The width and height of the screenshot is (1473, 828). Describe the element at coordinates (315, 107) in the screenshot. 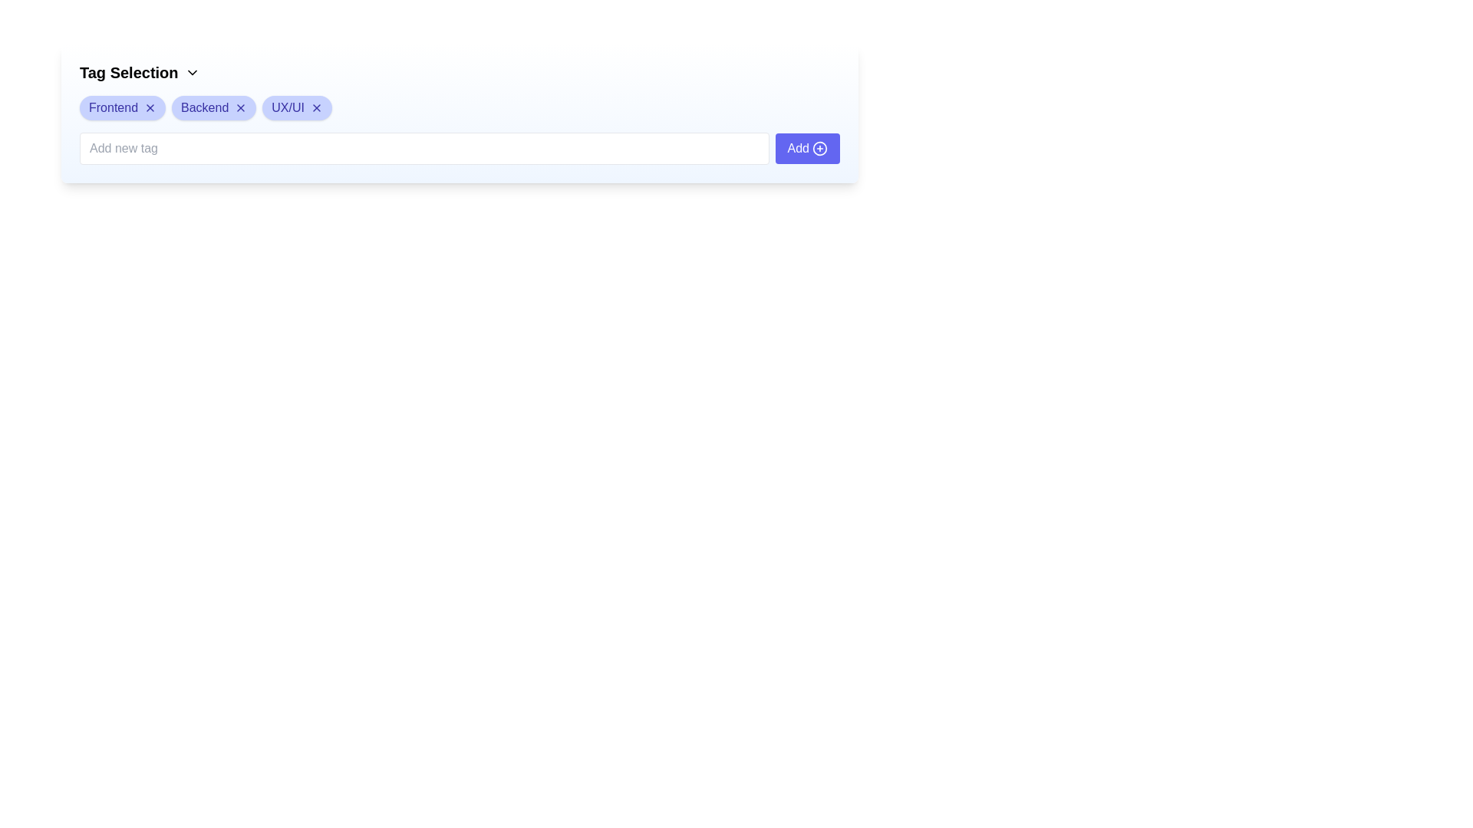

I see `the close icon button at the rightmost end of the 'UX/UI' tag` at that location.